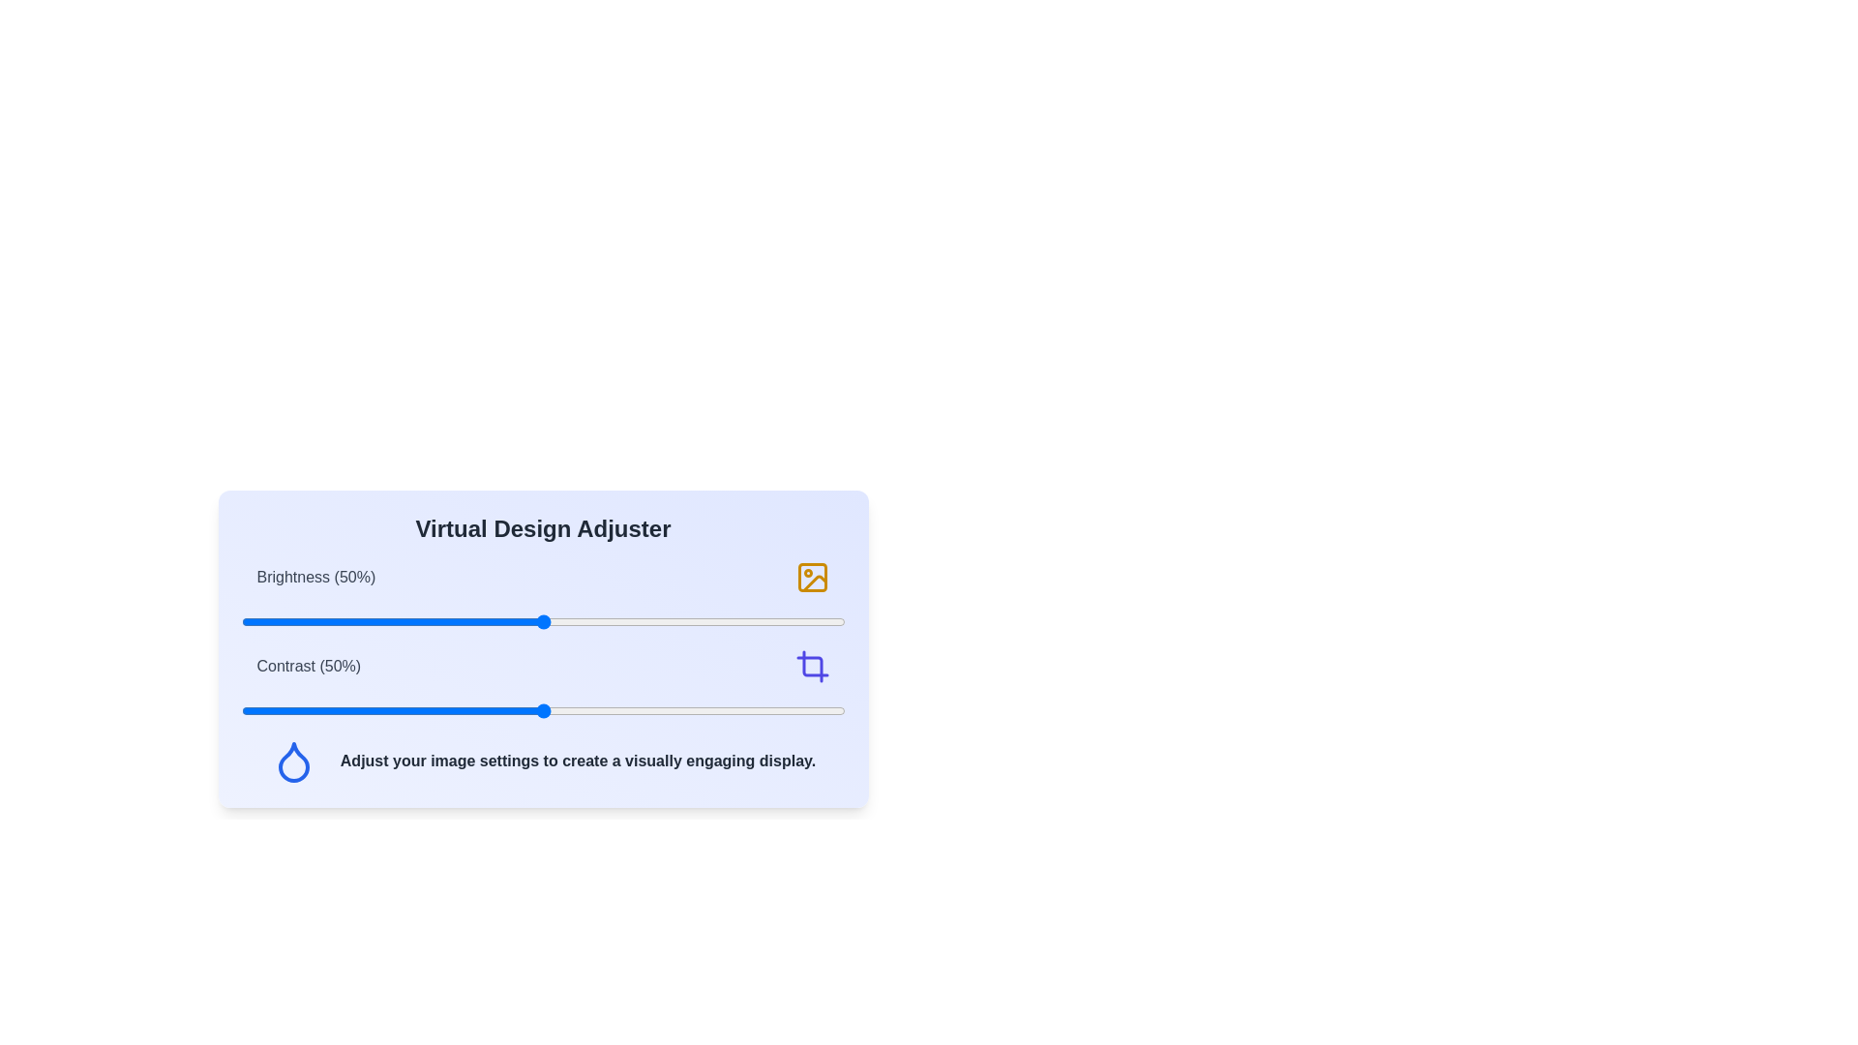 This screenshot has height=1045, width=1858. I want to click on the brightness slider to 89%, so click(778, 622).